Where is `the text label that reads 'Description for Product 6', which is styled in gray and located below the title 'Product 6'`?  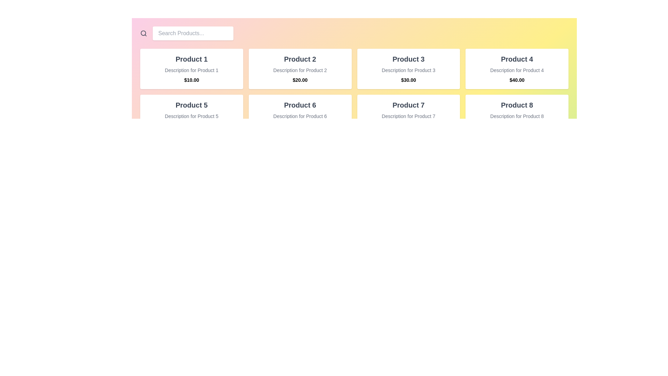 the text label that reads 'Description for Product 6', which is styled in gray and located below the title 'Product 6' is located at coordinates (300, 116).